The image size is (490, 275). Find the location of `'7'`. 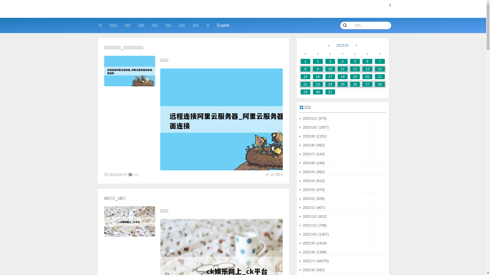

'7' is located at coordinates (380, 61).